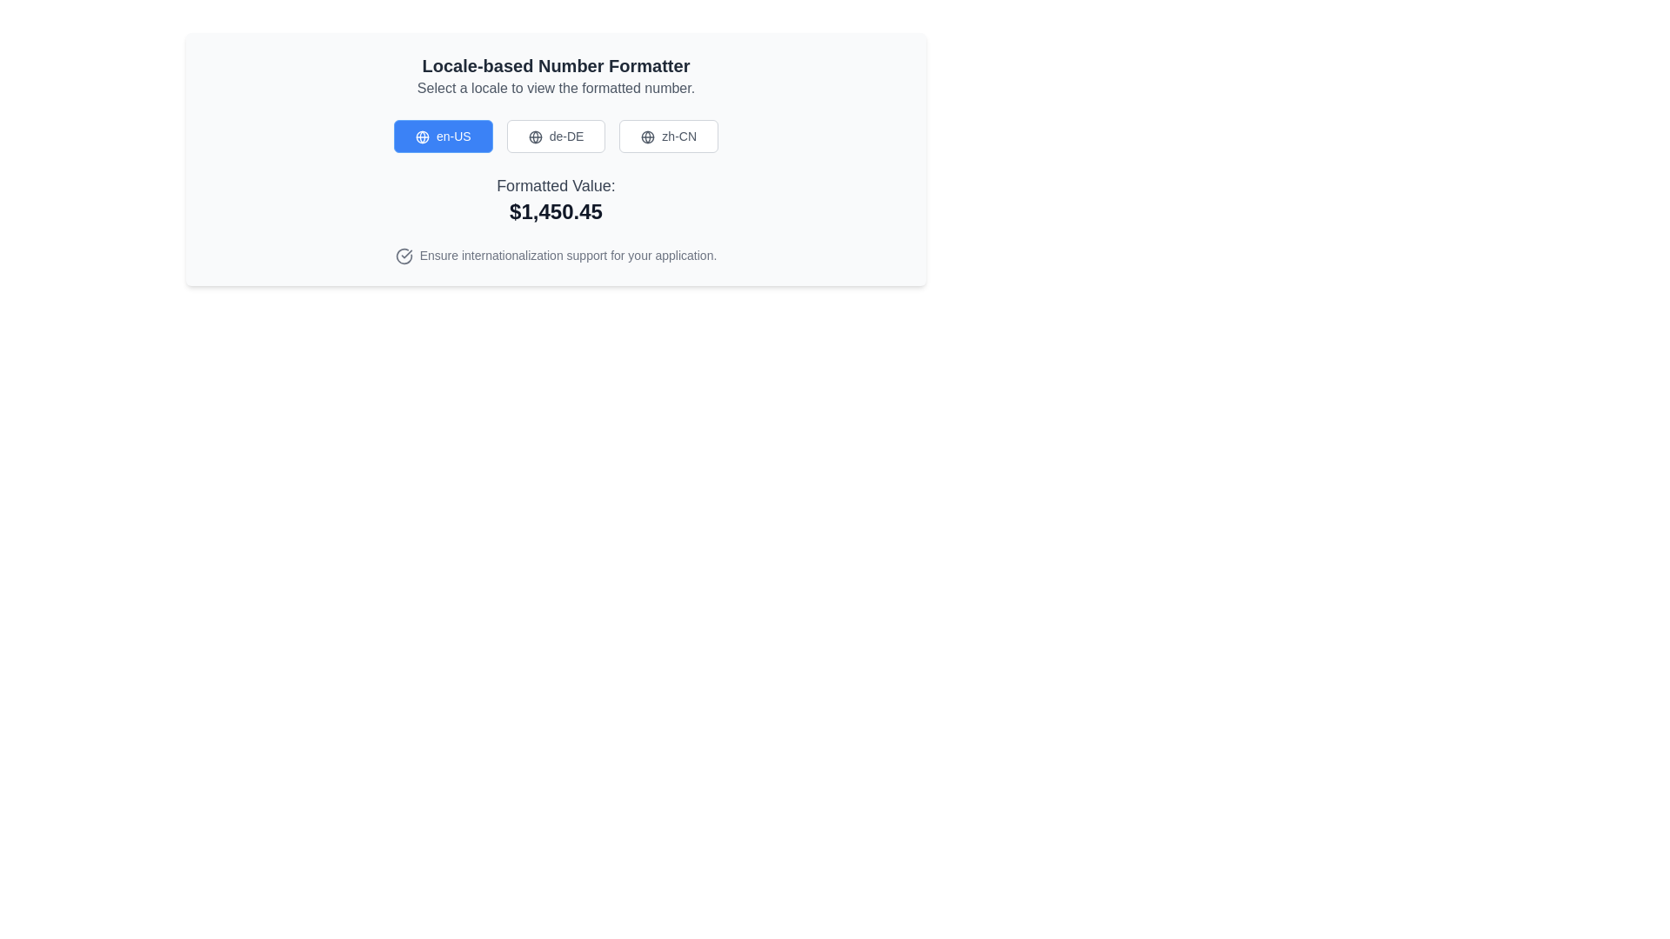 The width and height of the screenshot is (1670, 939). What do you see at coordinates (555, 136) in the screenshot?
I see `the rectangular button labeled 'de-DE' with a globe icon` at bounding box center [555, 136].